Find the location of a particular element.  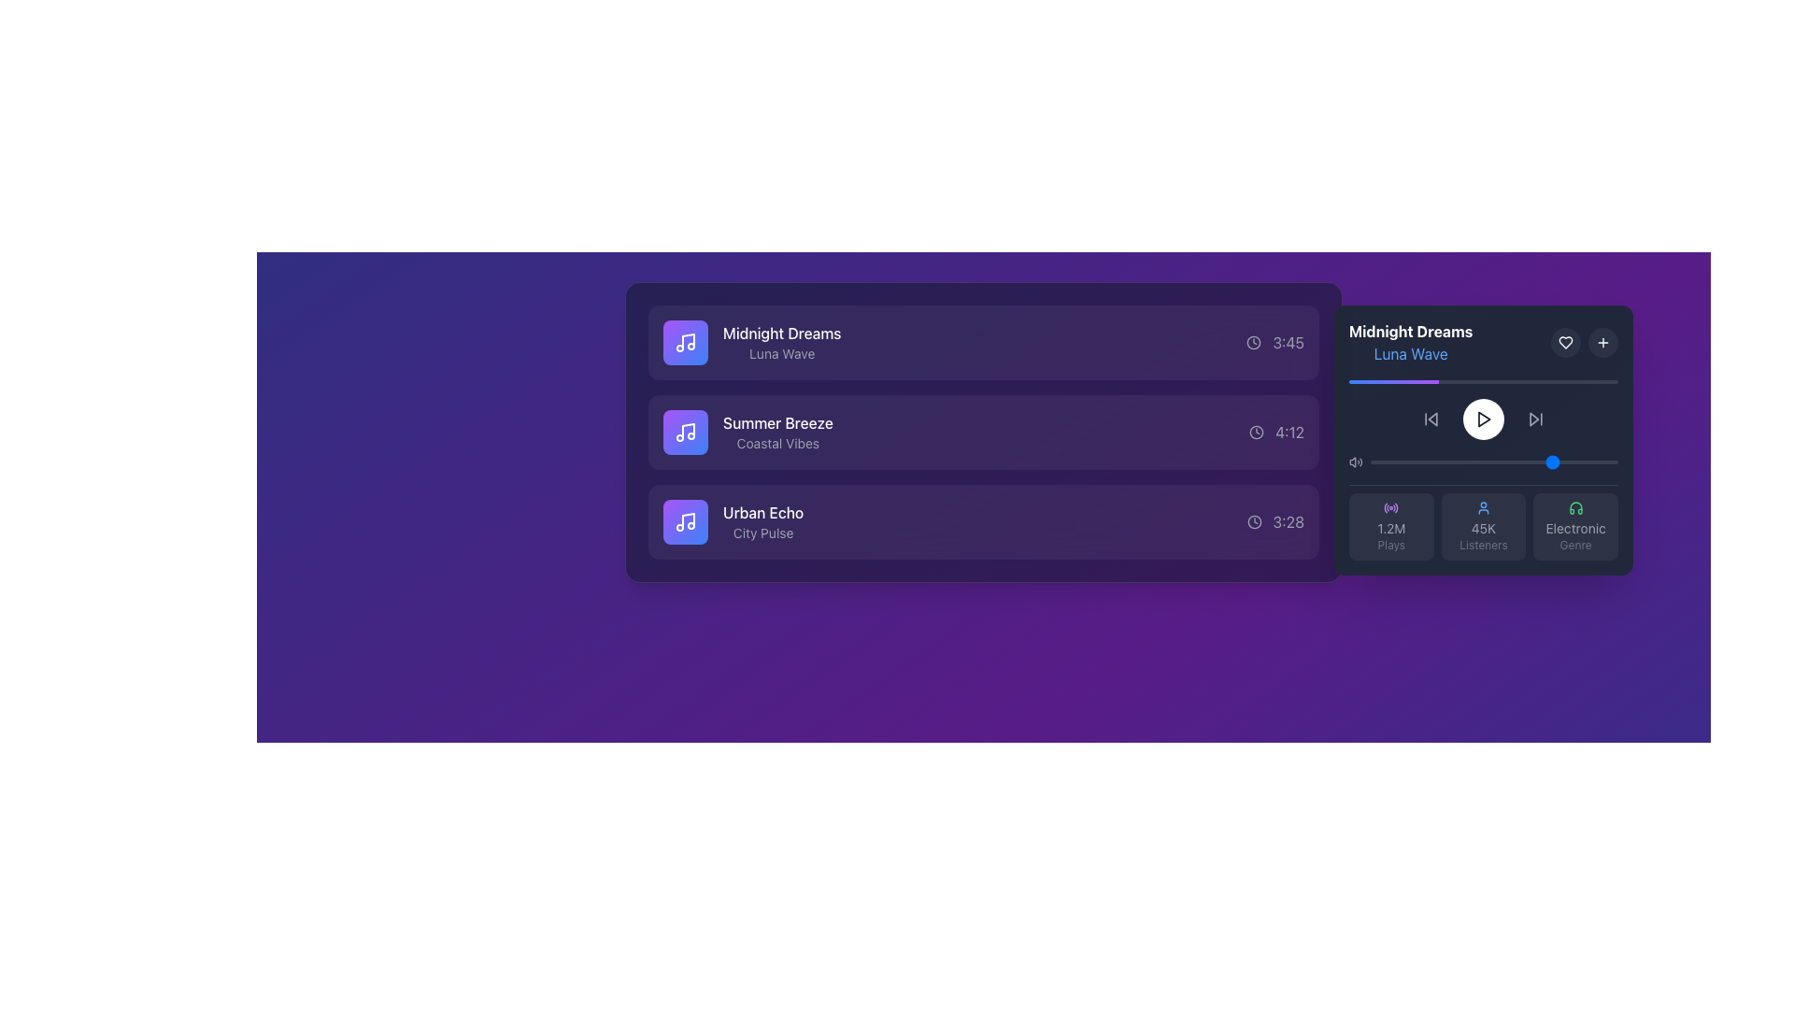

the 'Urban Echo' track icon is located at coordinates (685, 522).